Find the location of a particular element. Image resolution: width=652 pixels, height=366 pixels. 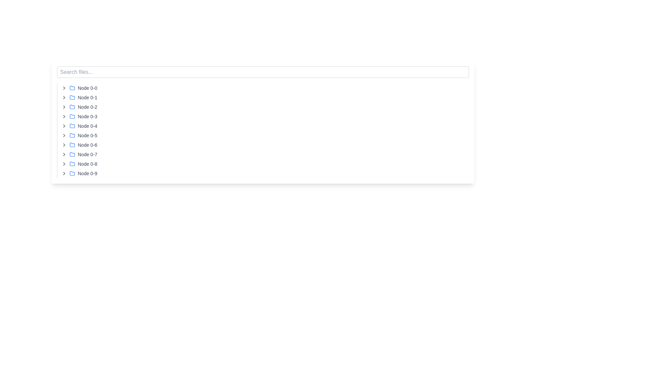

the blue folder icon representing a file directory, which is the sixth item in the expandable list and is positioned to the left of the label 'Node 0-5' is located at coordinates (72, 135).